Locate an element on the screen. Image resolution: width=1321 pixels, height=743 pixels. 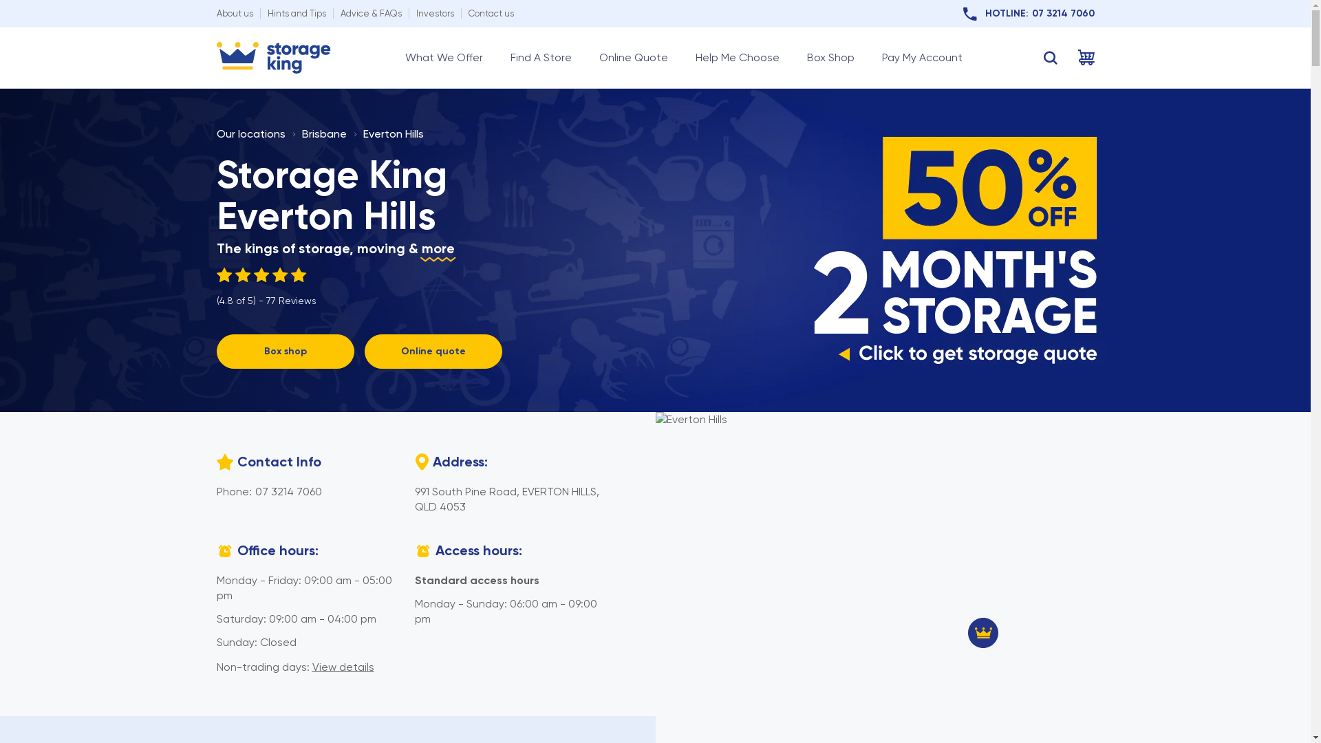
'Online Quote' is located at coordinates (632, 57).